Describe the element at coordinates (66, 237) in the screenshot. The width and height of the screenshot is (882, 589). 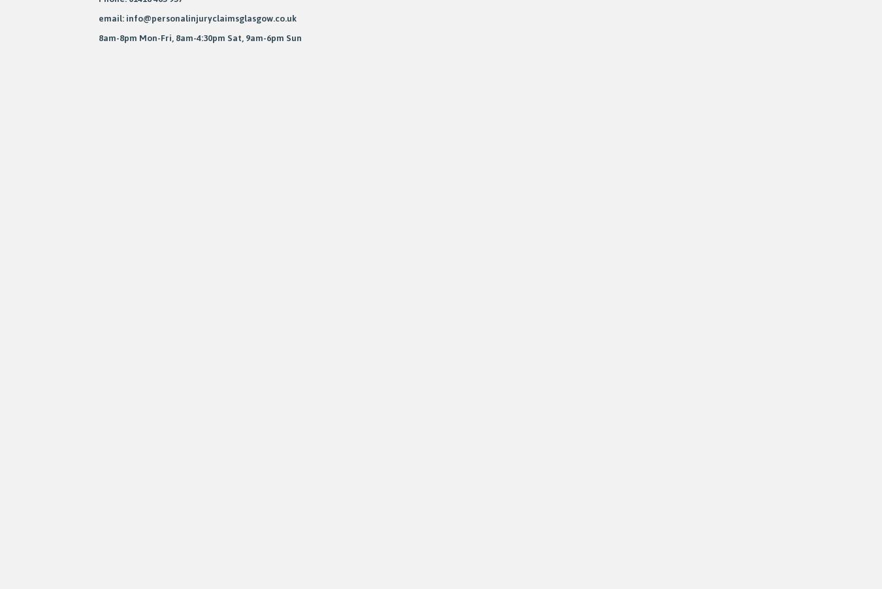
I see `'Glasgow'` at that location.